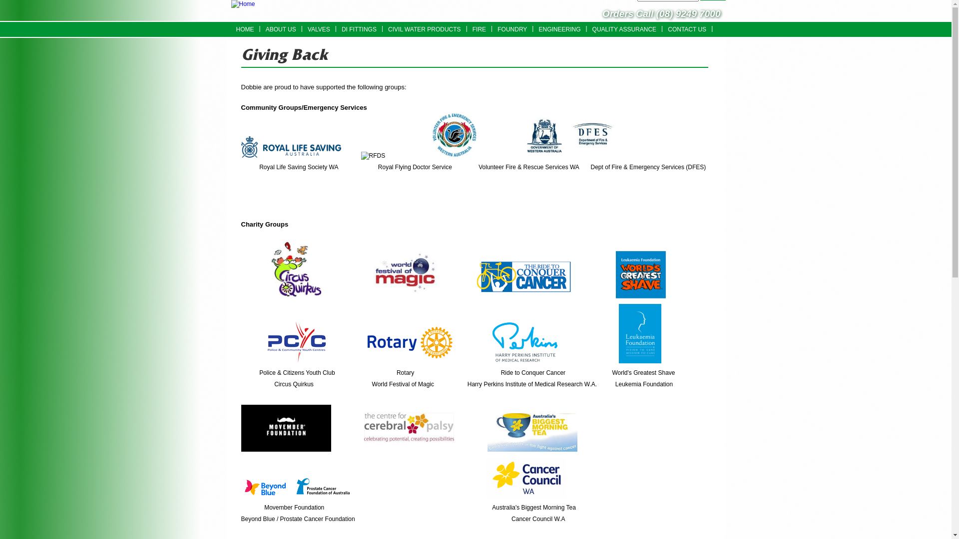 This screenshot has width=959, height=539. I want to click on 'festival of magic', so click(405, 276).